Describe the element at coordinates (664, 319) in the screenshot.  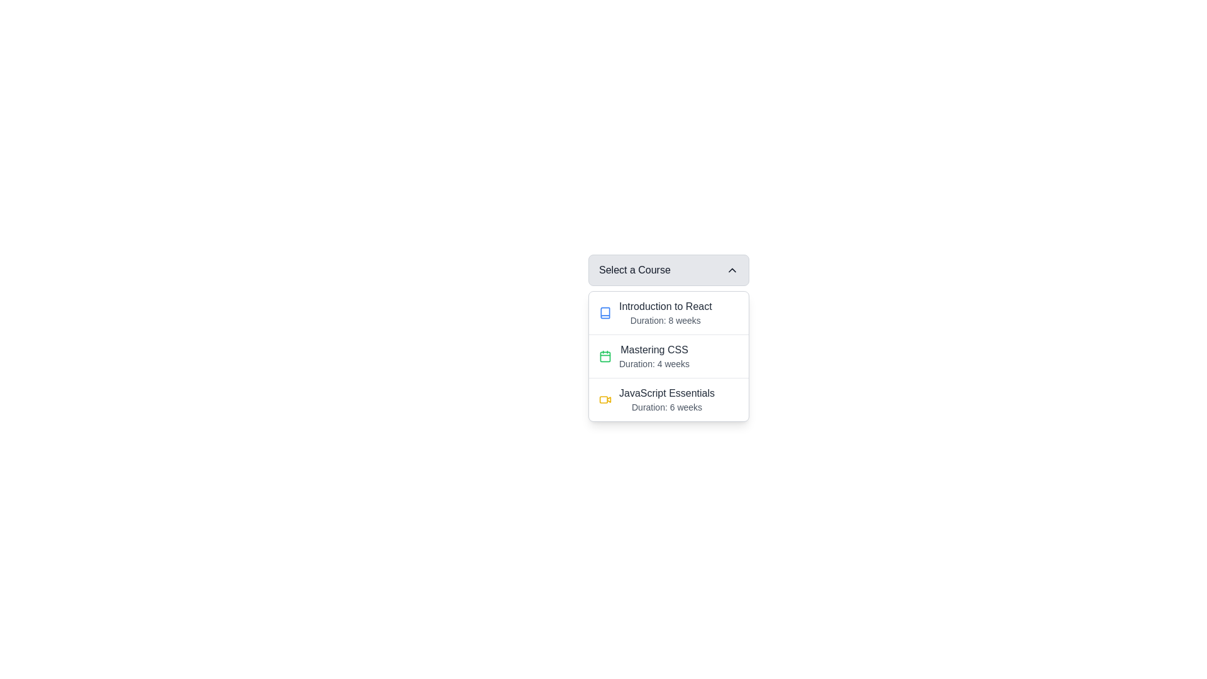
I see `the label displaying the duration of the 'Introduction to React' course, which is located directly beneath the course title in the dropdown menu under 'Select a Course'` at that location.